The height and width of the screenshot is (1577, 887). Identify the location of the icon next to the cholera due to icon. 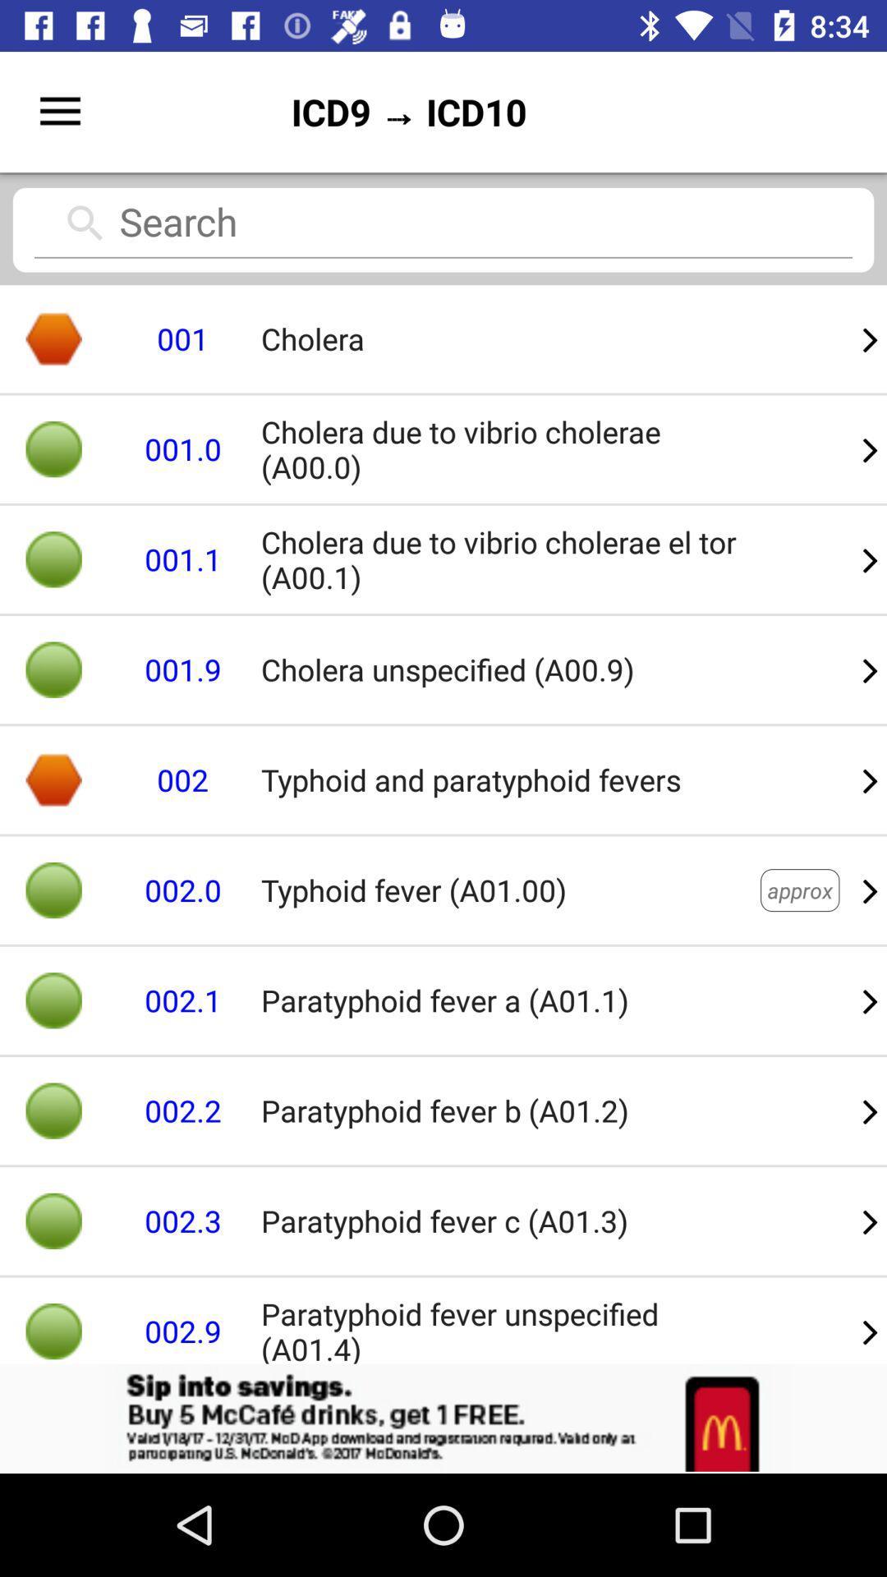
(870, 669).